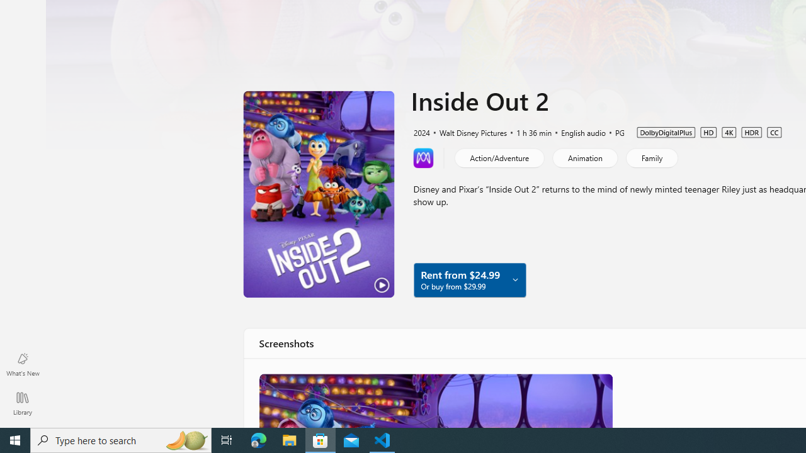 Image resolution: width=806 pixels, height=453 pixels. What do you see at coordinates (584, 157) in the screenshot?
I see `'Animation'` at bounding box center [584, 157].